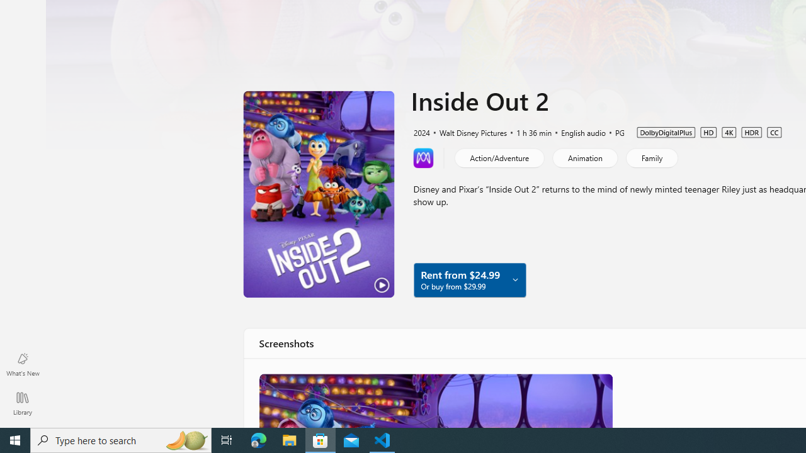 Image resolution: width=806 pixels, height=453 pixels. What do you see at coordinates (584, 157) in the screenshot?
I see `'Animation'` at bounding box center [584, 157].